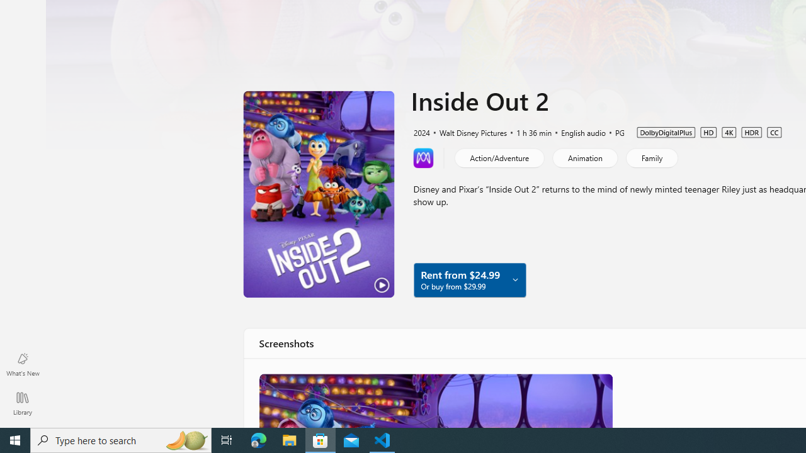 Image resolution: width=806 pixels, height=453 pixels. What do you see at coordinates (584, 157) in the screenshot?
I see `'Animation'` at bounding box center [584, 157].